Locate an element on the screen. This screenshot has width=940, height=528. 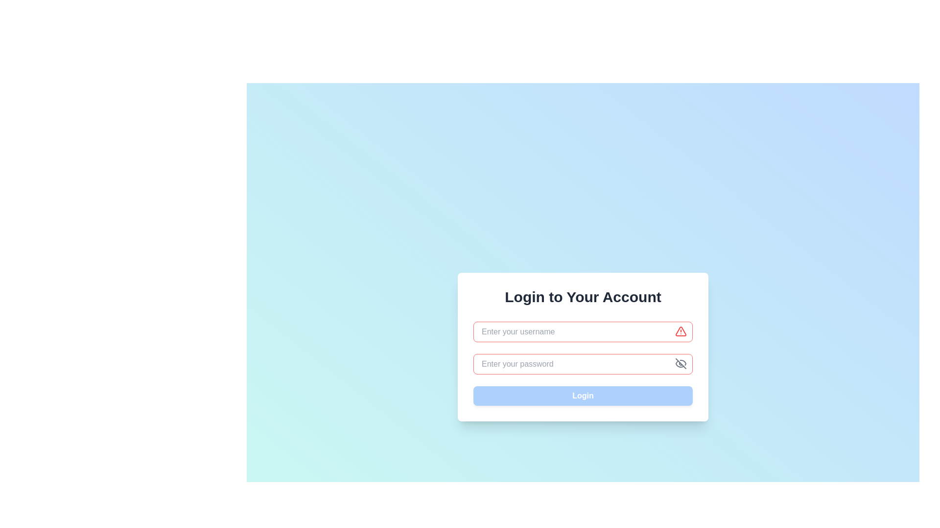
the text input field with a red border indicating an error state, which has a placeholder text 'Enter your username.' to focus on it is located at coordinates (583, 331).